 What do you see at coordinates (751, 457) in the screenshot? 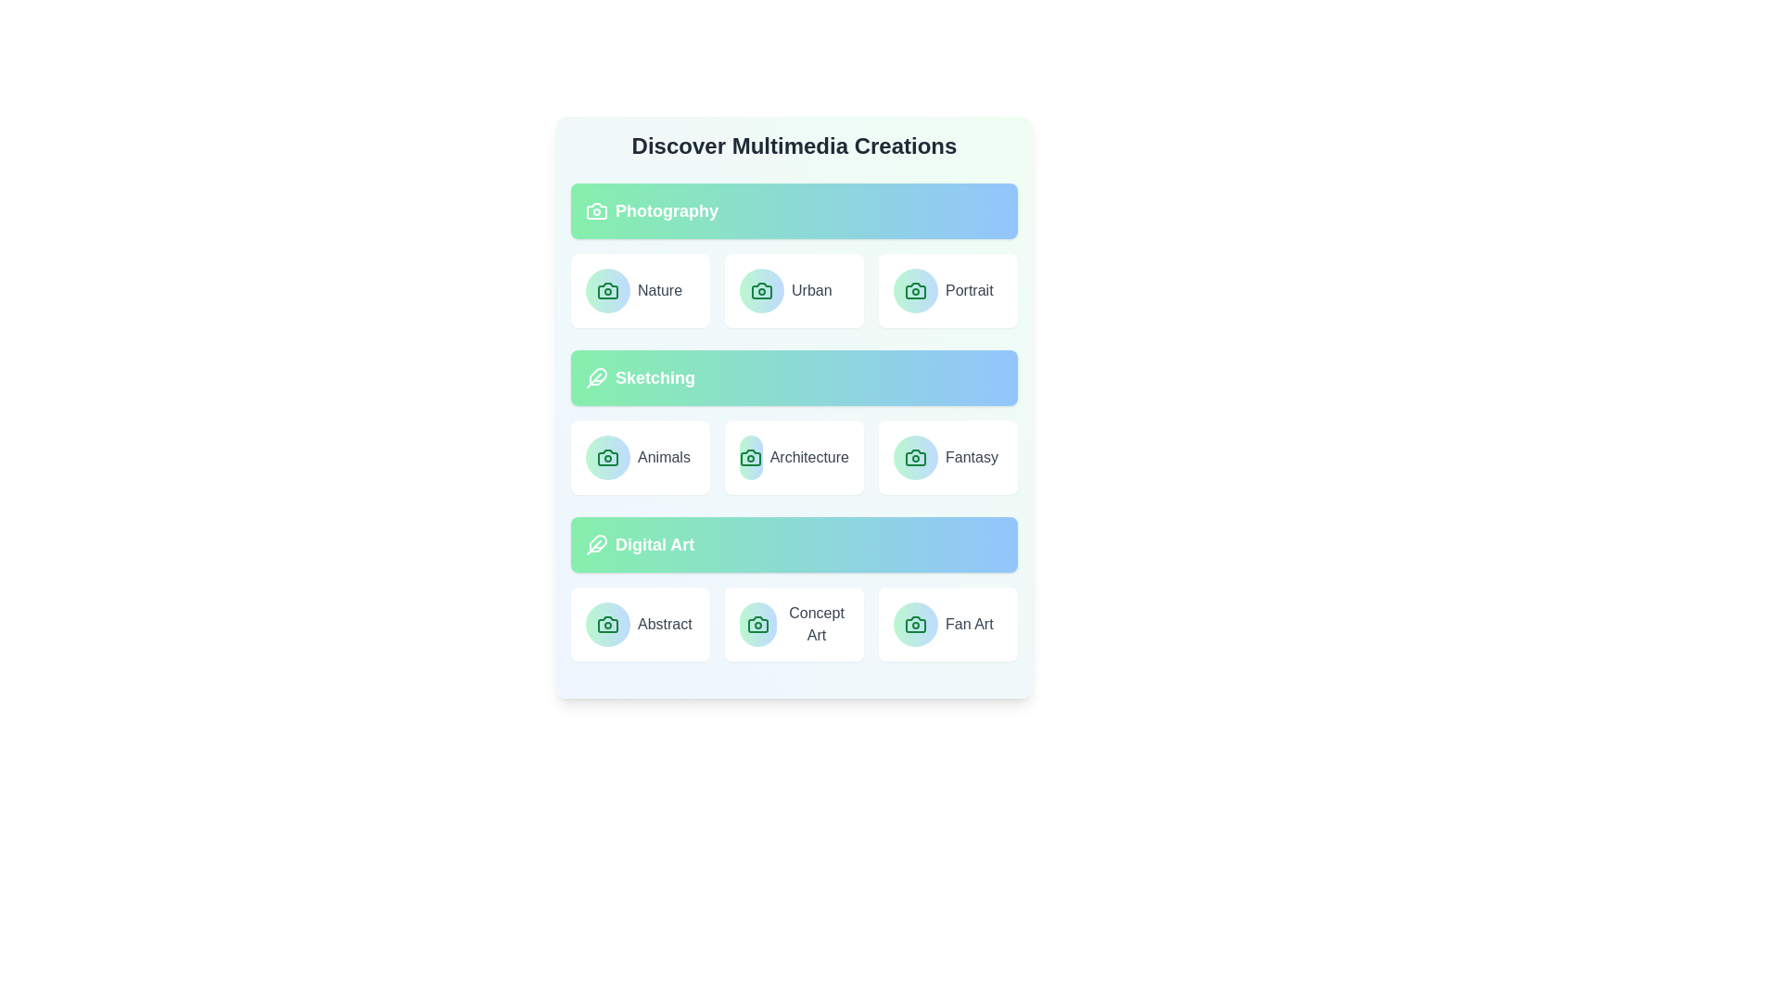
I see `the icon associated with the Architecture category` at bounding box center [751, 457].